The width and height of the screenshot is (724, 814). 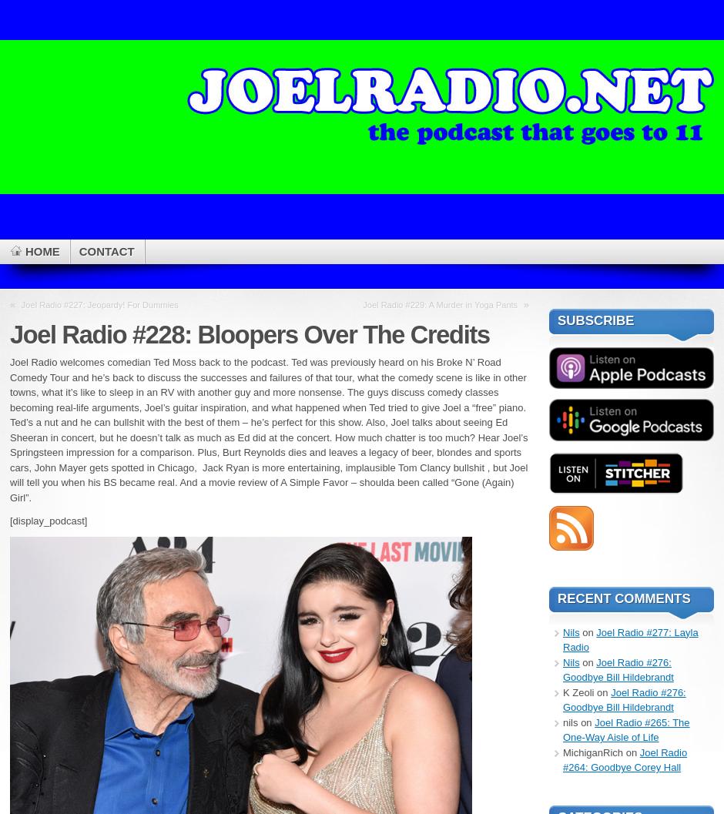 What do you see at coordinates (595, 319) in the screenshot?
I see `'Subscribe'` at bounding box center [595, 319].